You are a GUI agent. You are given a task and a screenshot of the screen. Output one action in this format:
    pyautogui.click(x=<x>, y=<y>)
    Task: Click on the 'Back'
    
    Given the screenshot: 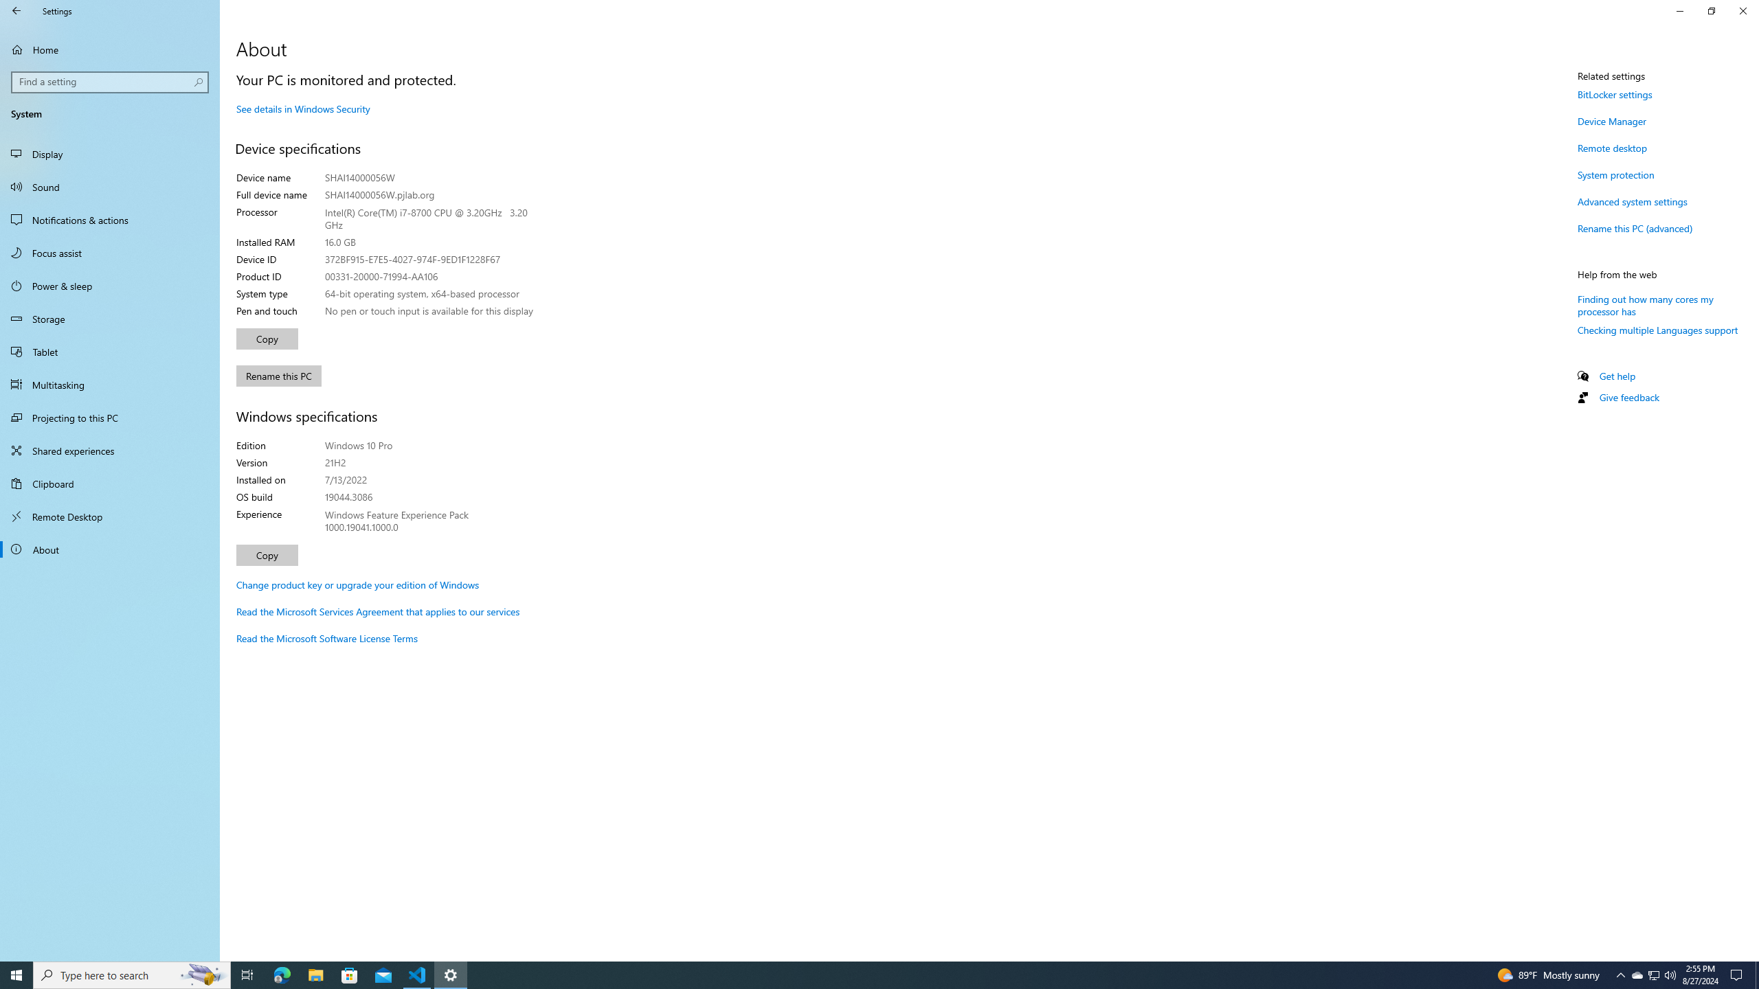 What is the action you would take?
    pyautogui.click(x=16, y=10)
    